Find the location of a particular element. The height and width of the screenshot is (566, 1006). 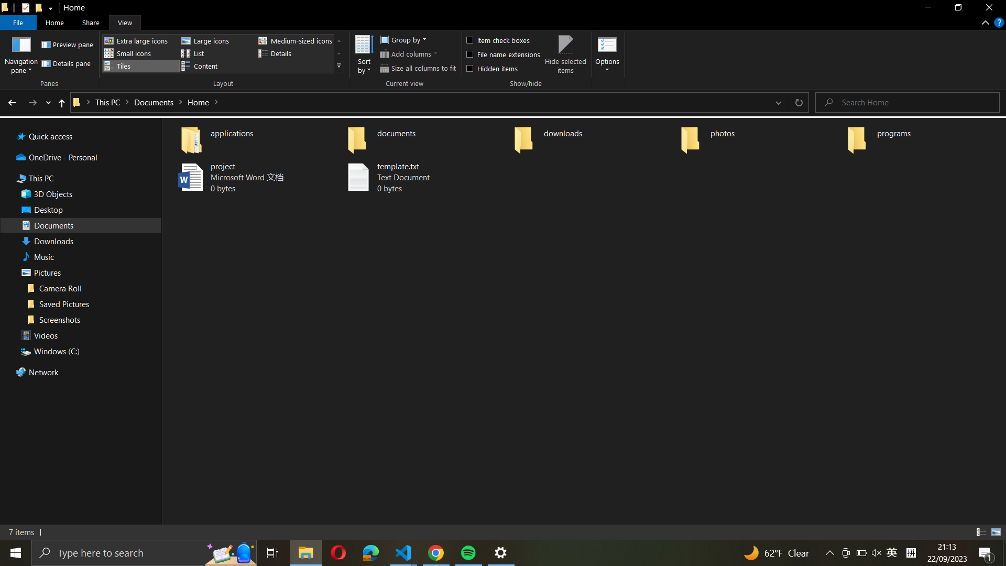

Show all notifications from the bottom right corner is located at coordinates (986, 552).